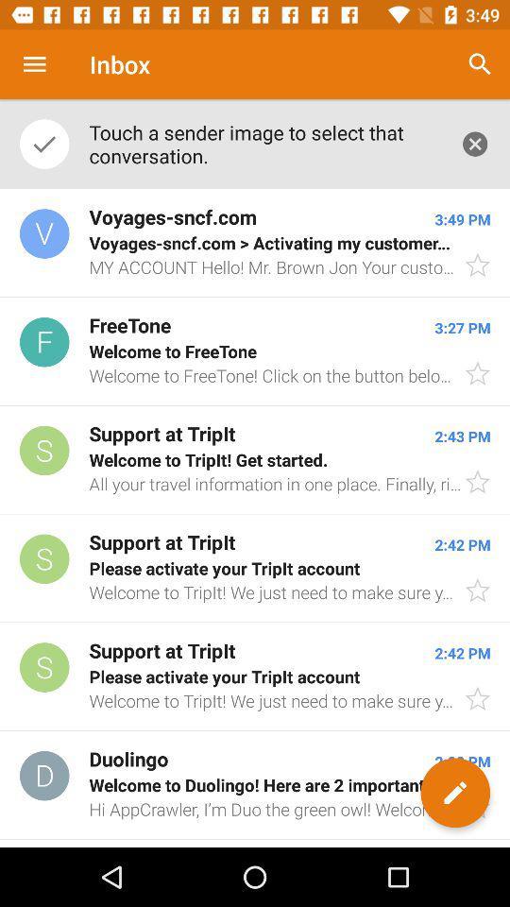 This screenshot has height=907, width=510. I want to click on the item below the touch a sender, so click(255, 242).